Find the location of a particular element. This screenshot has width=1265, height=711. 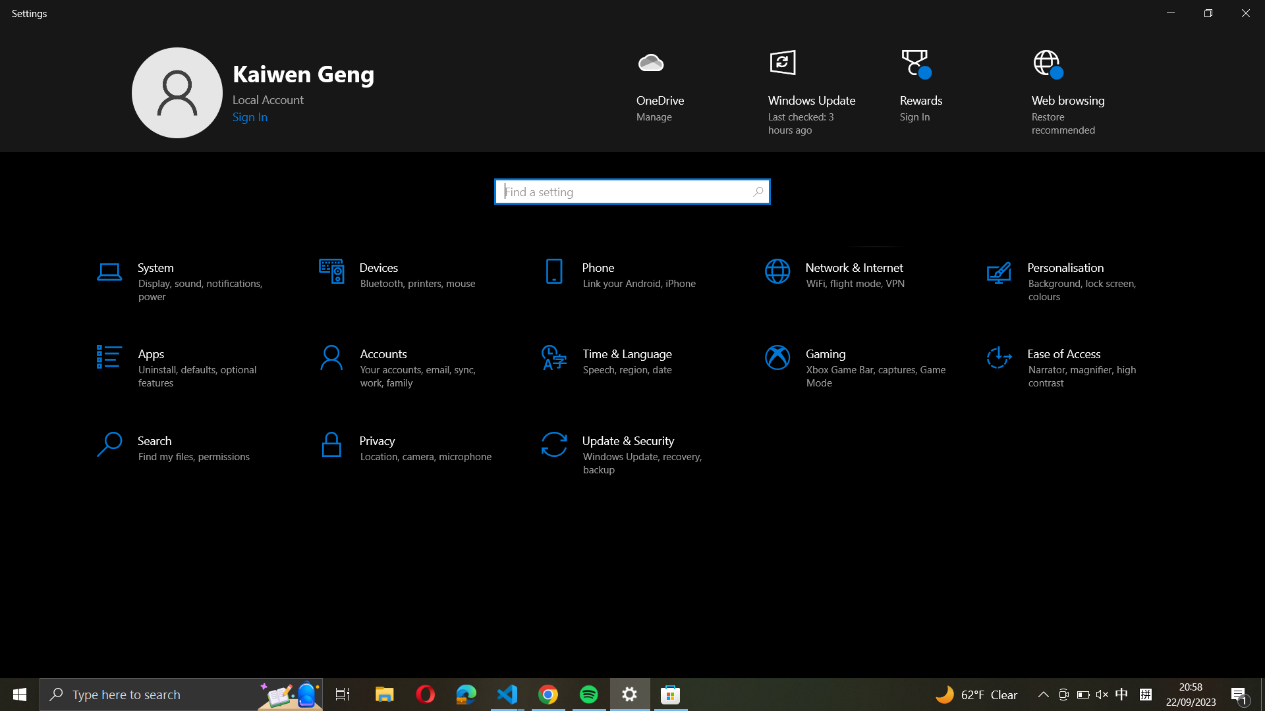

Windows update procedure by clicking the button placed at the bottom right corner is located at coordinates (804, 90).